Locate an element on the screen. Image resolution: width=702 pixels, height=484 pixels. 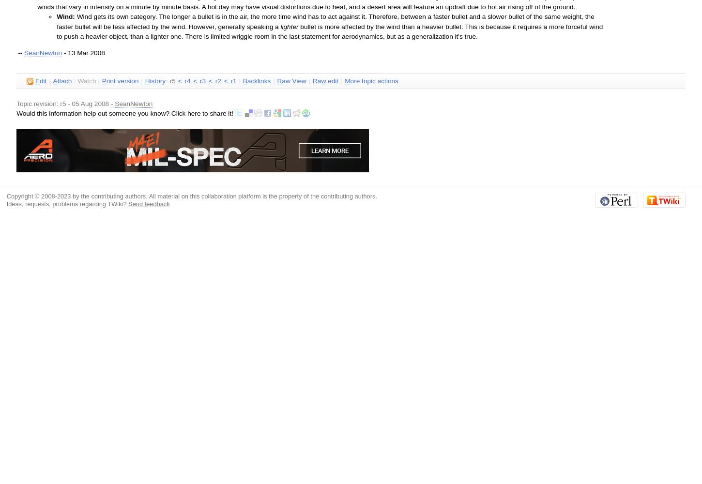
'P' is located at coordinates (103, 80).